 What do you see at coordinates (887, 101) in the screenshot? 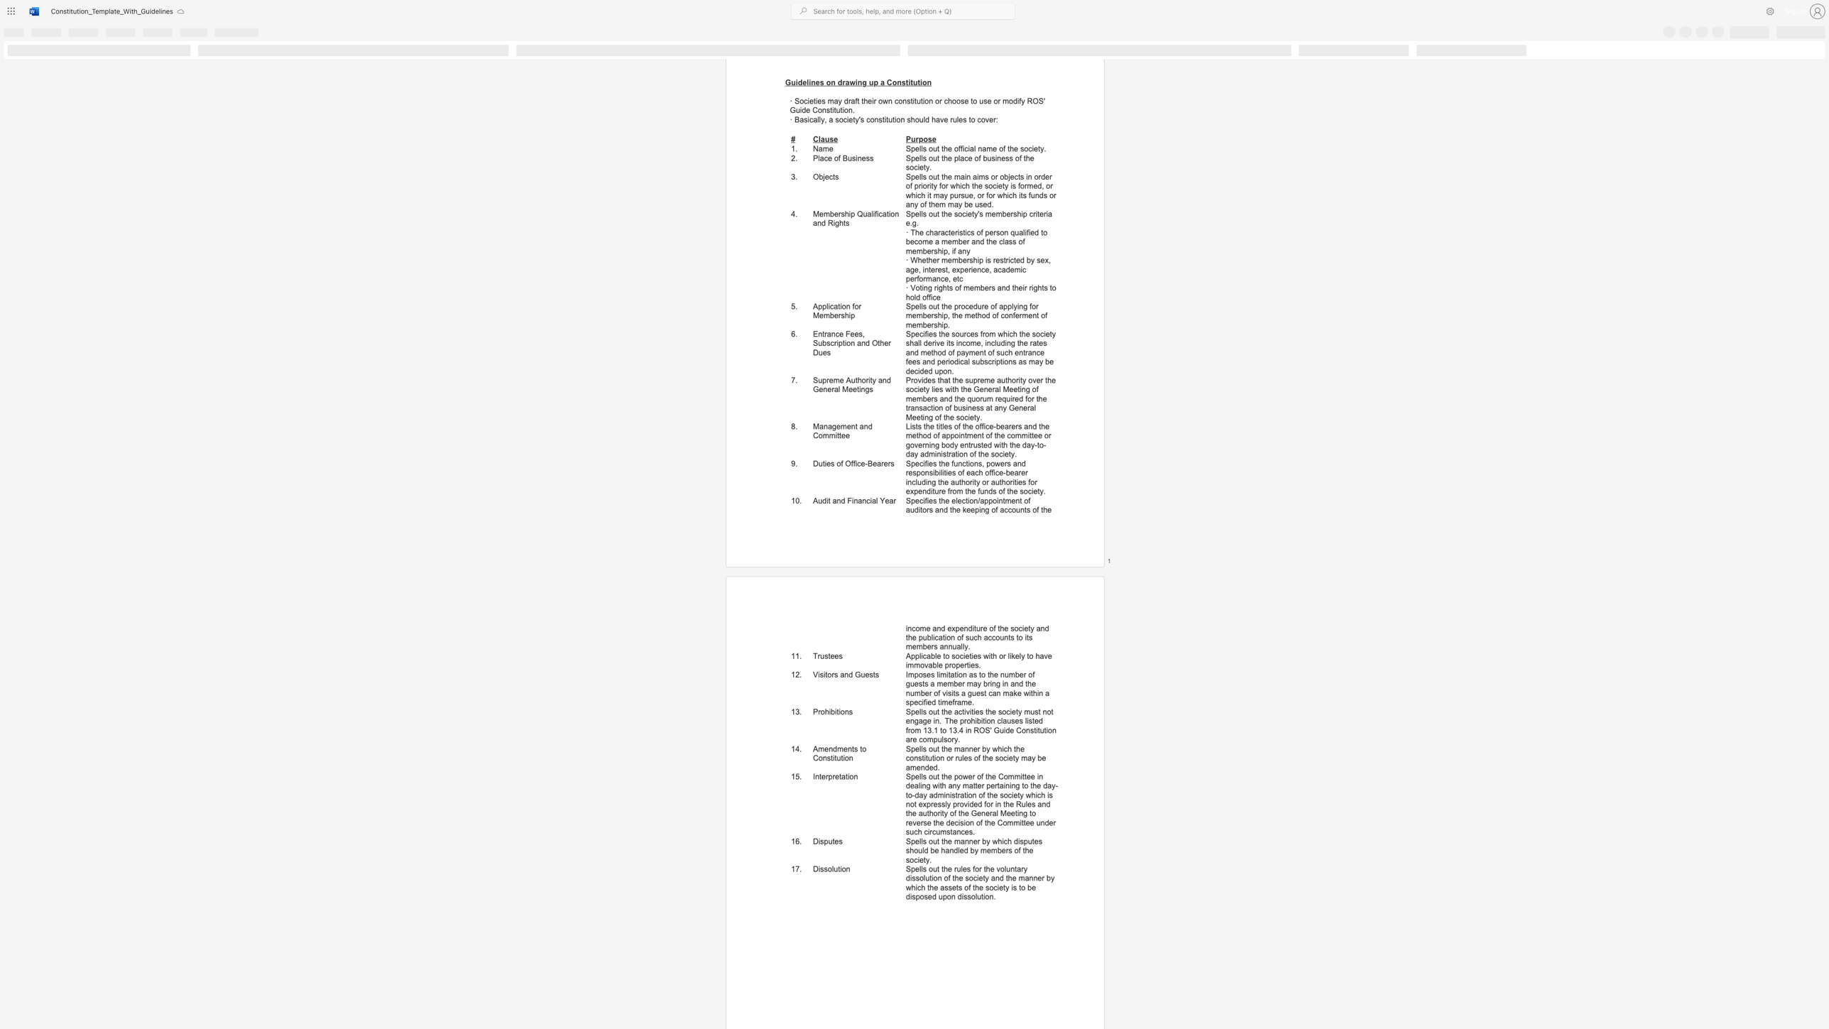
I see `the subset text "n constitution" within the text "· Societies may draft their own constitution or choose to use or modify ROS"` at bounding box center [887, 101].